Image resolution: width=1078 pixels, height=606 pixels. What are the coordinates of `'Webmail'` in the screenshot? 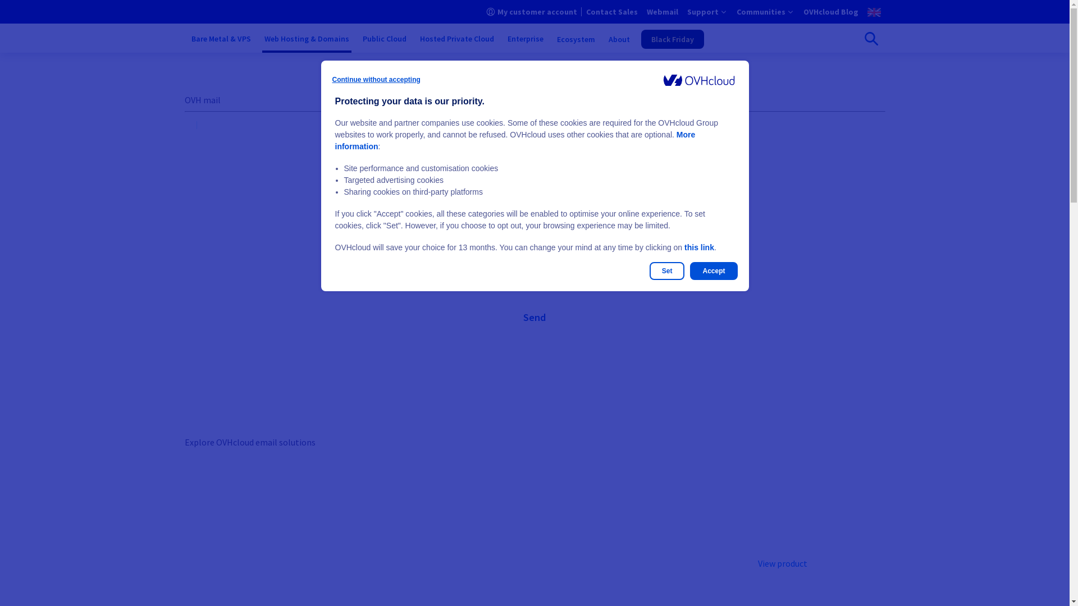 It's located at (663, 11).